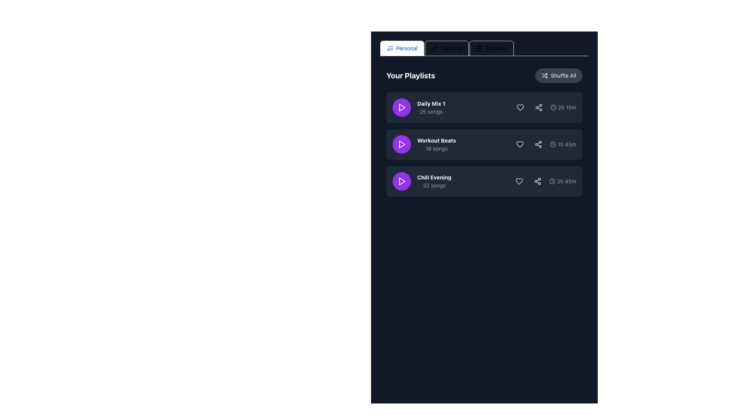 Image resolution: width=739 pixels, height=415 pixels. I want to click on the clock icon positioned to the left of the text '2h 15m' in the playlist row for 'Daily Mix 1', so click(553, 108).